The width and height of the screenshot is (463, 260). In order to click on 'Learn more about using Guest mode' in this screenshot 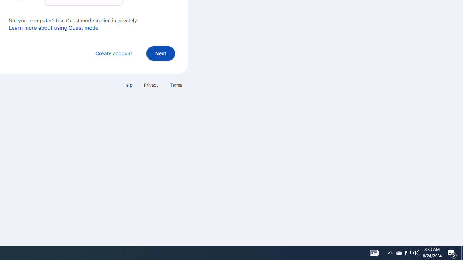, I will do `click(53, 27)`.